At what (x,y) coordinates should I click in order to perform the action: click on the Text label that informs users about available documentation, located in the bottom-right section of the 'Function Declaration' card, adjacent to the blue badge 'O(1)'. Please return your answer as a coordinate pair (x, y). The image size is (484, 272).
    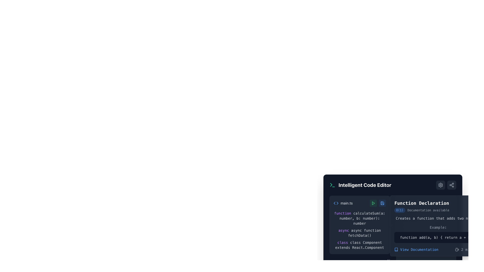
    Looking at the image, I should click on (428, 210).